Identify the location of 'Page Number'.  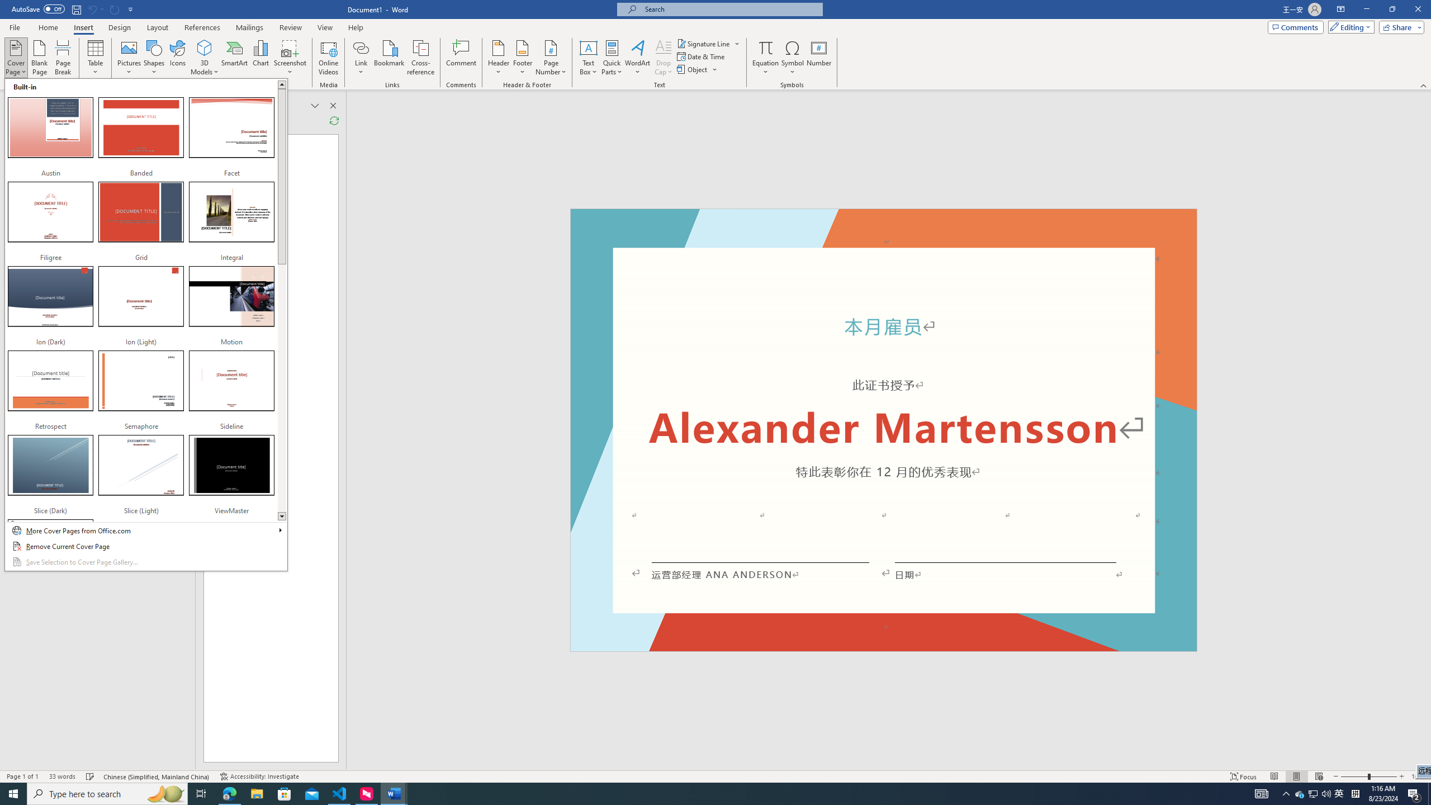
(551, 58).